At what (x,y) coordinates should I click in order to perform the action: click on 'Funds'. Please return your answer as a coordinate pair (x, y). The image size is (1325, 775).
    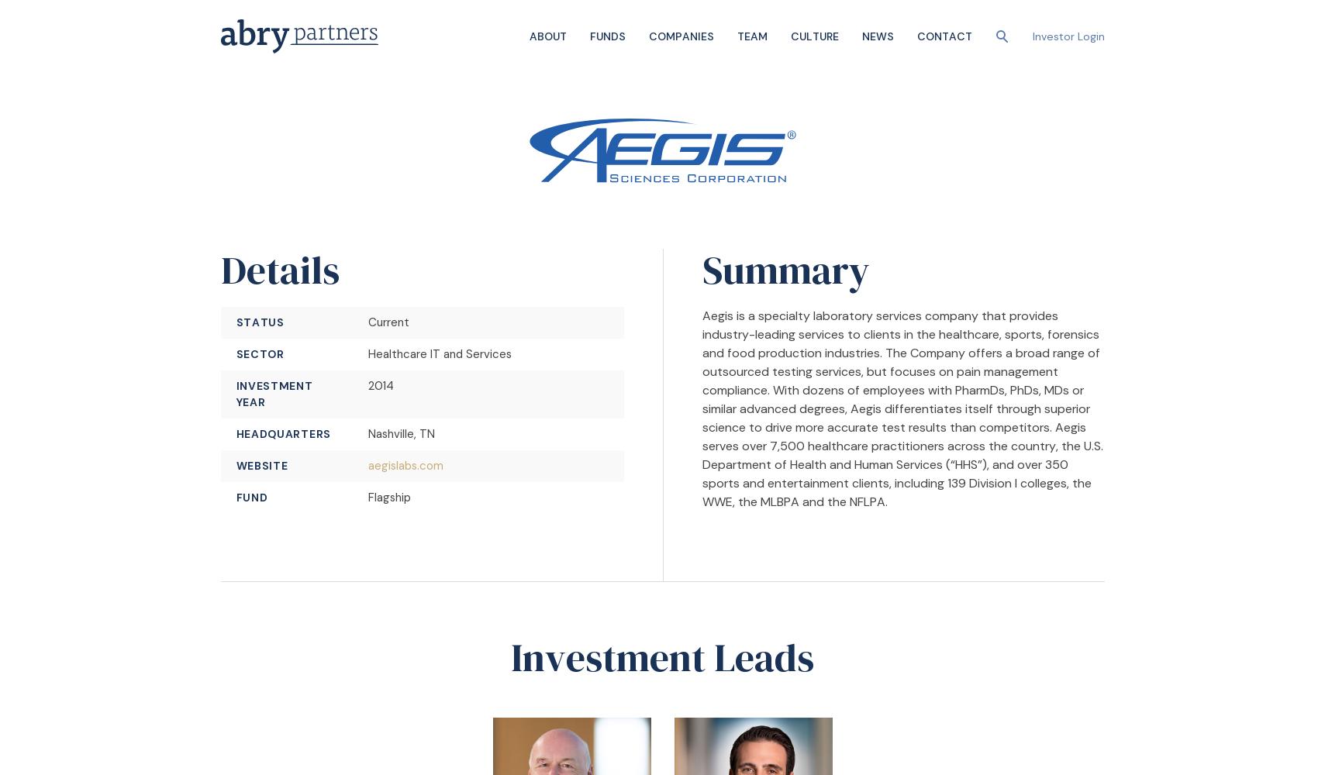
    Looking at the image, I should click on (606, 36).